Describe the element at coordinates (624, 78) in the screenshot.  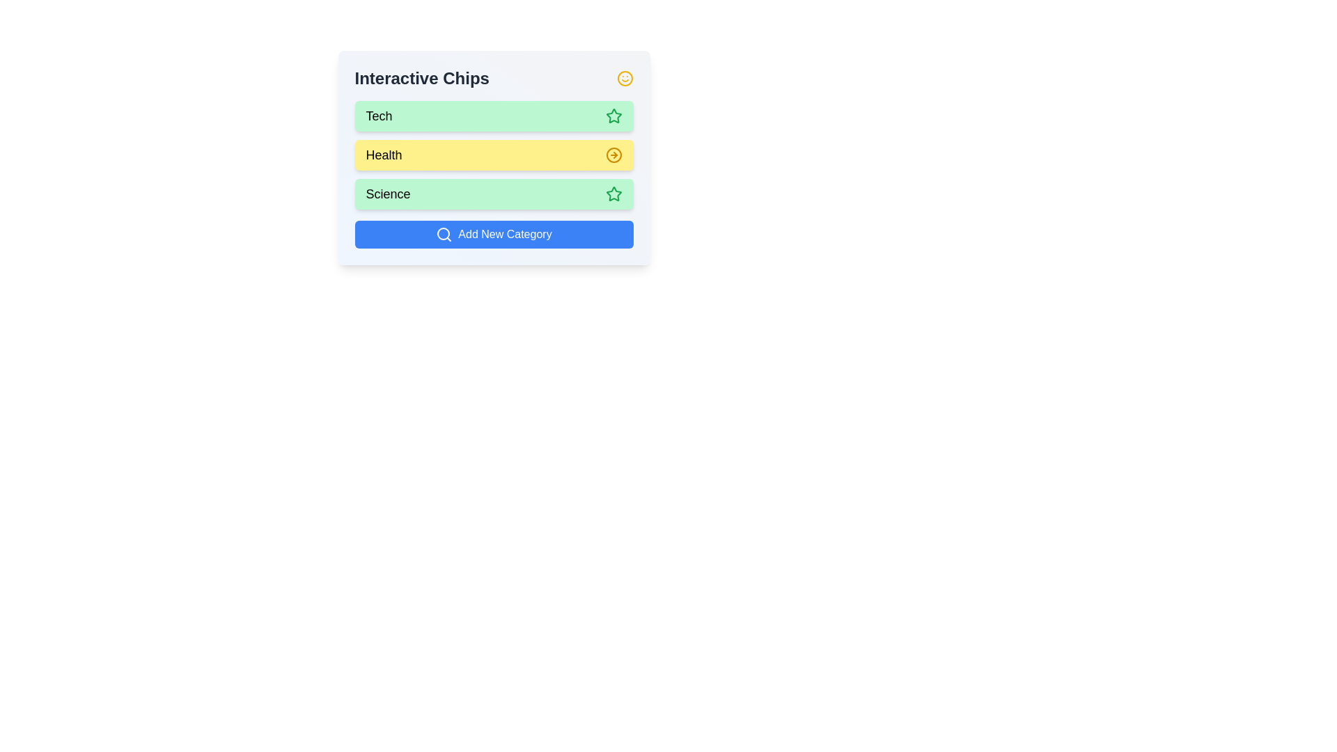
I see `the header icon to trigger its associated action` at that location.